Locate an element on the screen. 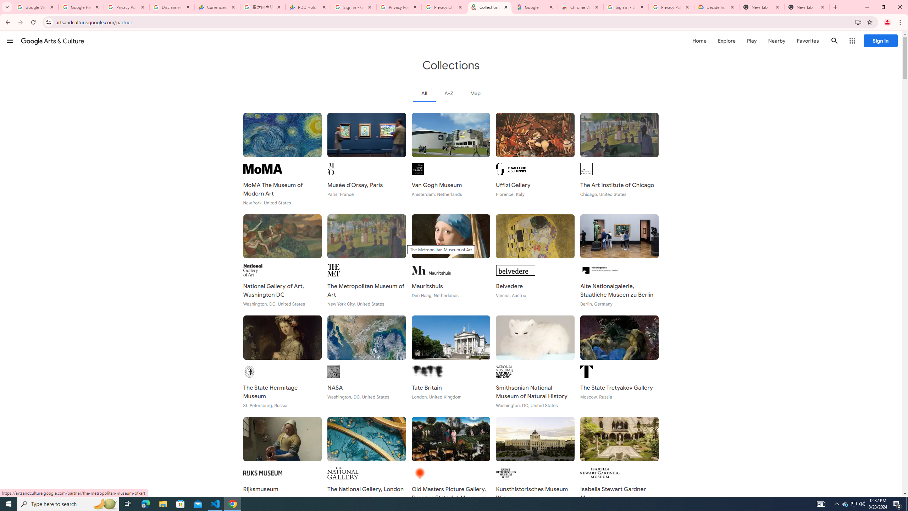 This screenshot has width=908, height=511. 'Van Gogh Museum Amsterdam, Netherlands' is located at coordinates (451, 159).